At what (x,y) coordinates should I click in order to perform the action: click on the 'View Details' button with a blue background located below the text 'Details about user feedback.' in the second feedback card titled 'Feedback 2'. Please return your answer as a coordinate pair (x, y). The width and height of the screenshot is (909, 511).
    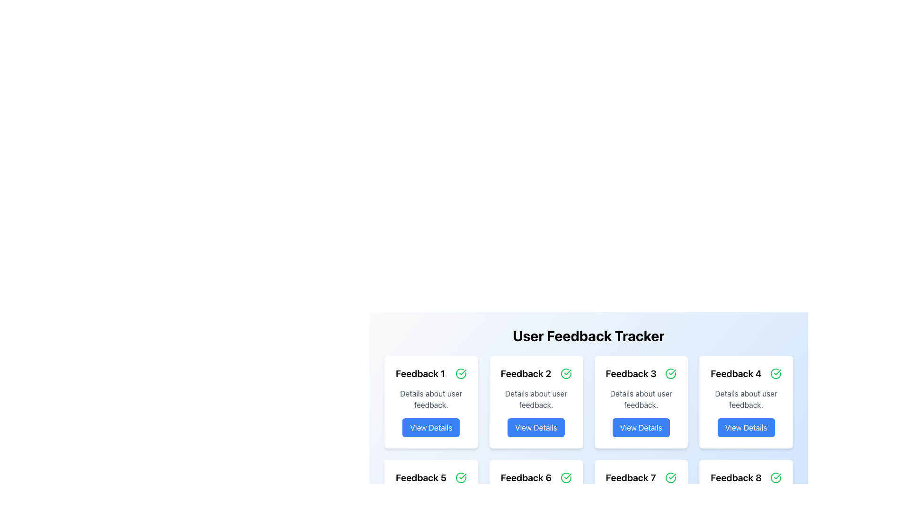
    Looking at the image, I should click on (536, 427).